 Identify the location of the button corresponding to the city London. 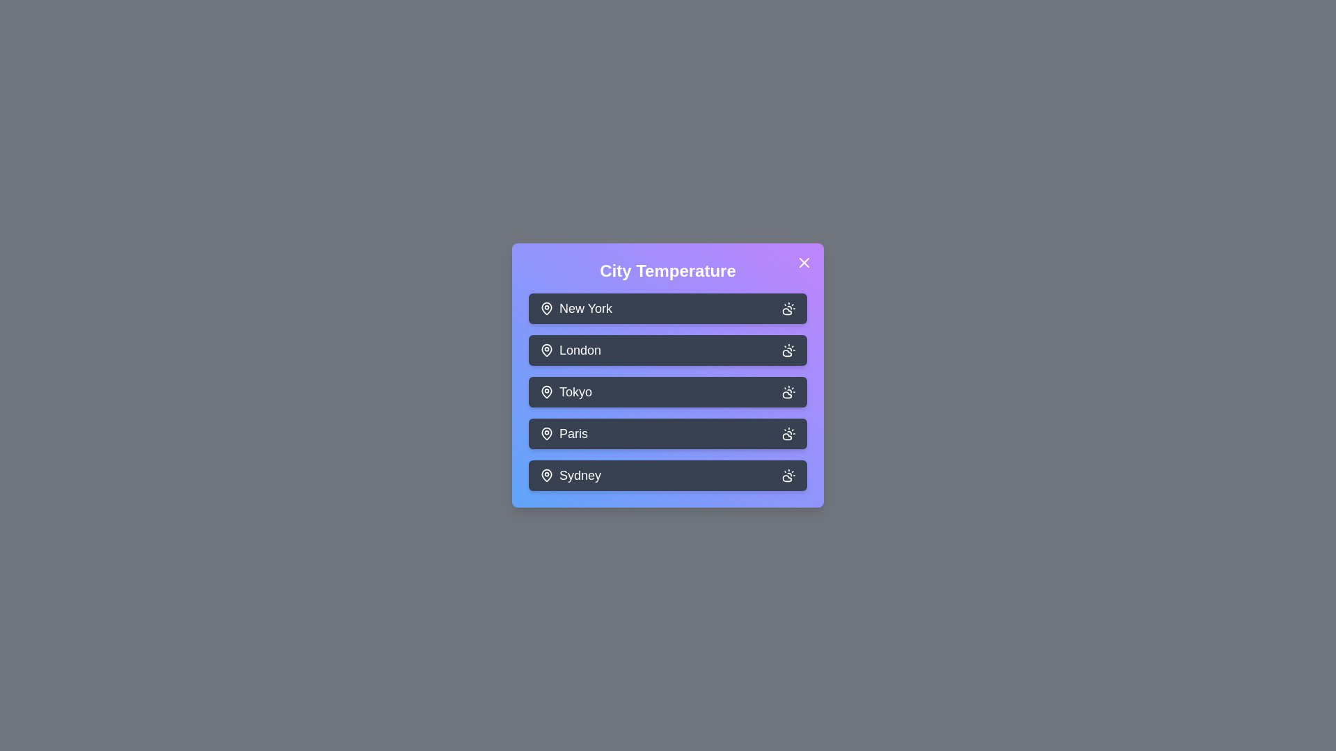
(668, 350).